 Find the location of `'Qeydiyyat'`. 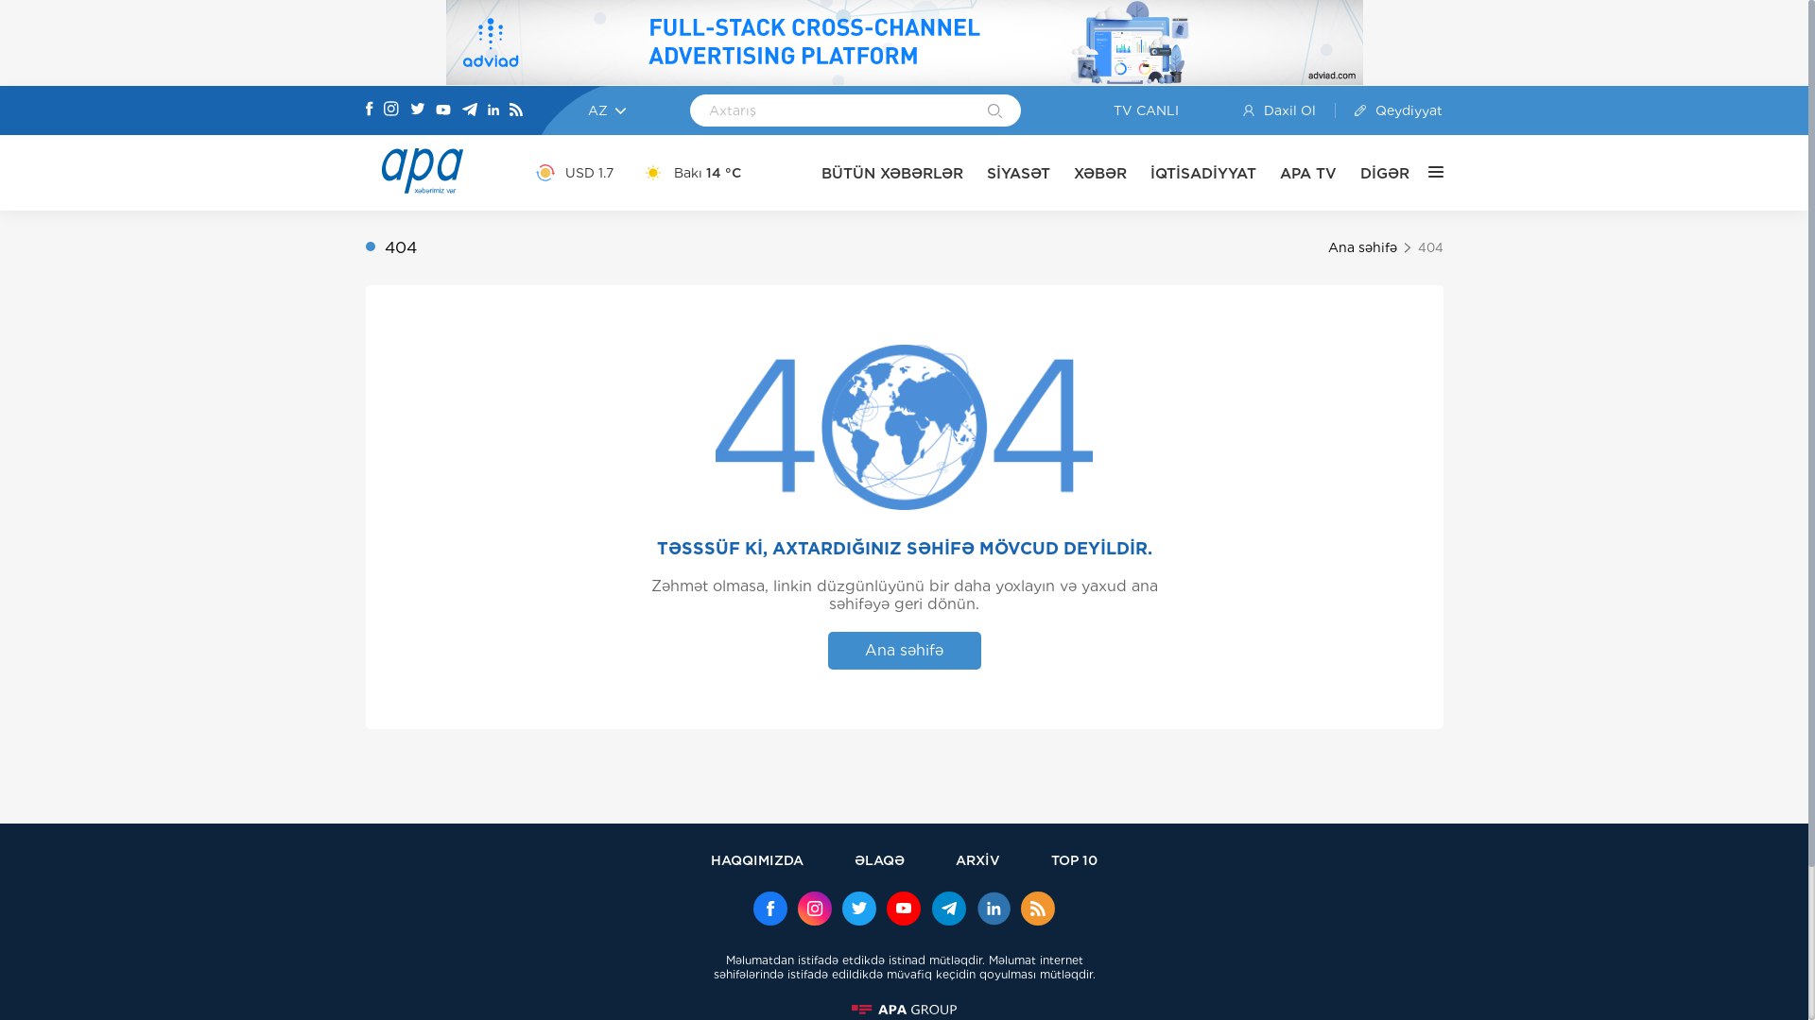

'Qeydiyyat' is located at coordinates (1389, 110).